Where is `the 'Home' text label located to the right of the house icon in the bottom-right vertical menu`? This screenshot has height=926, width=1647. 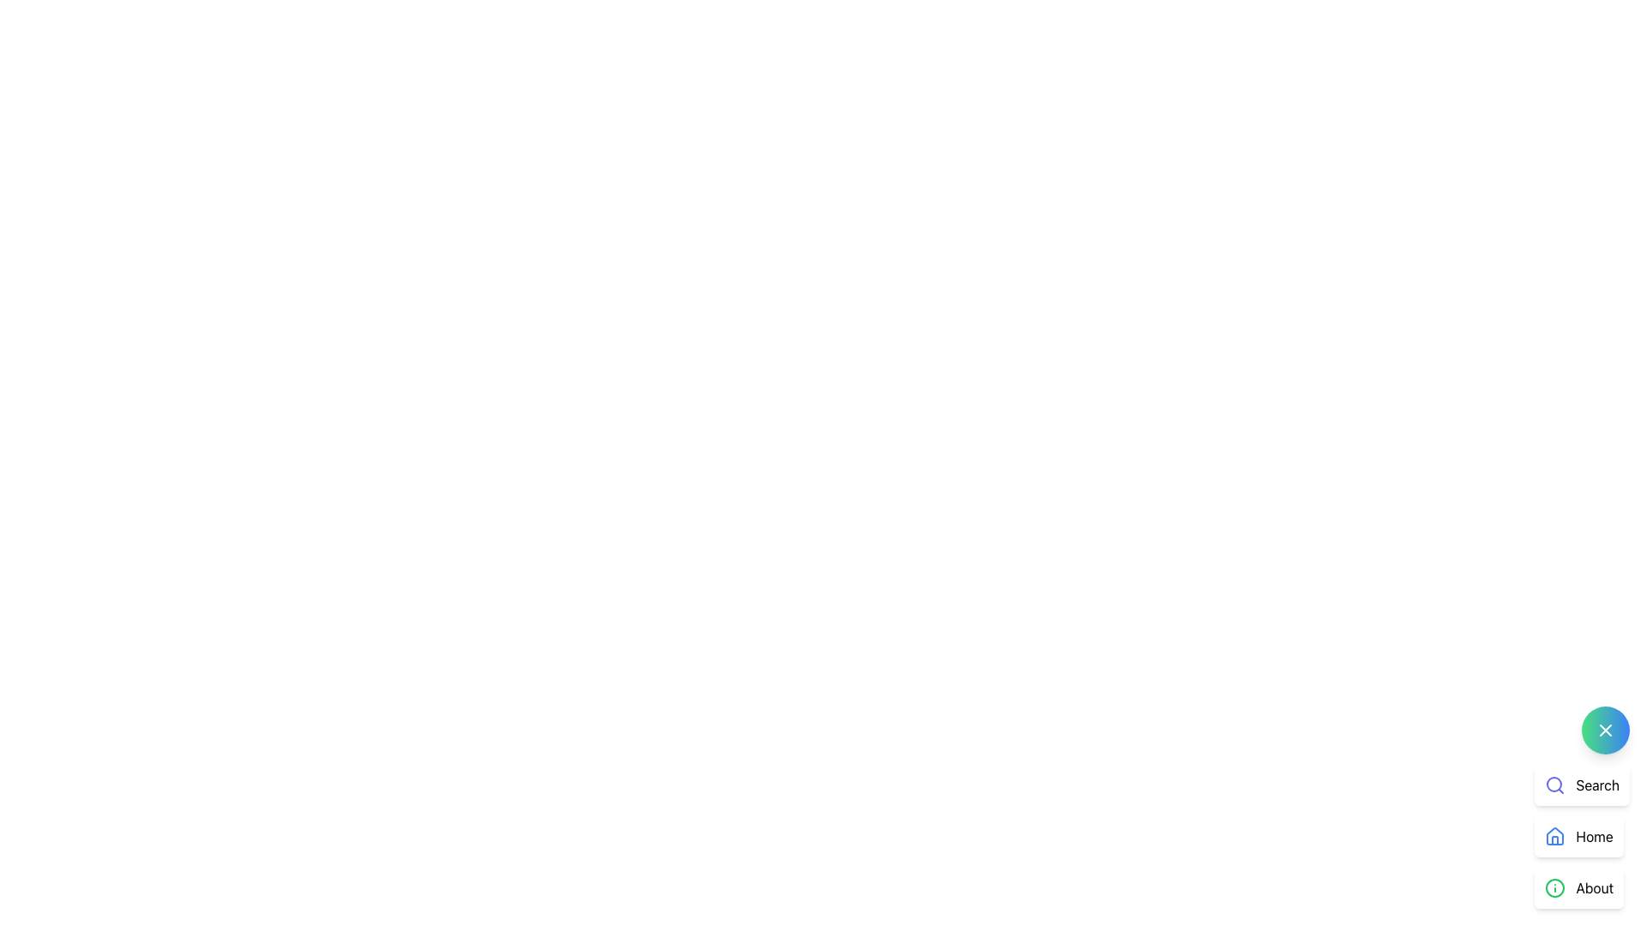
the 'Home' text label located to the right of the house icon in the bottom-right vertical menu is located at coordinates (1594, 835).